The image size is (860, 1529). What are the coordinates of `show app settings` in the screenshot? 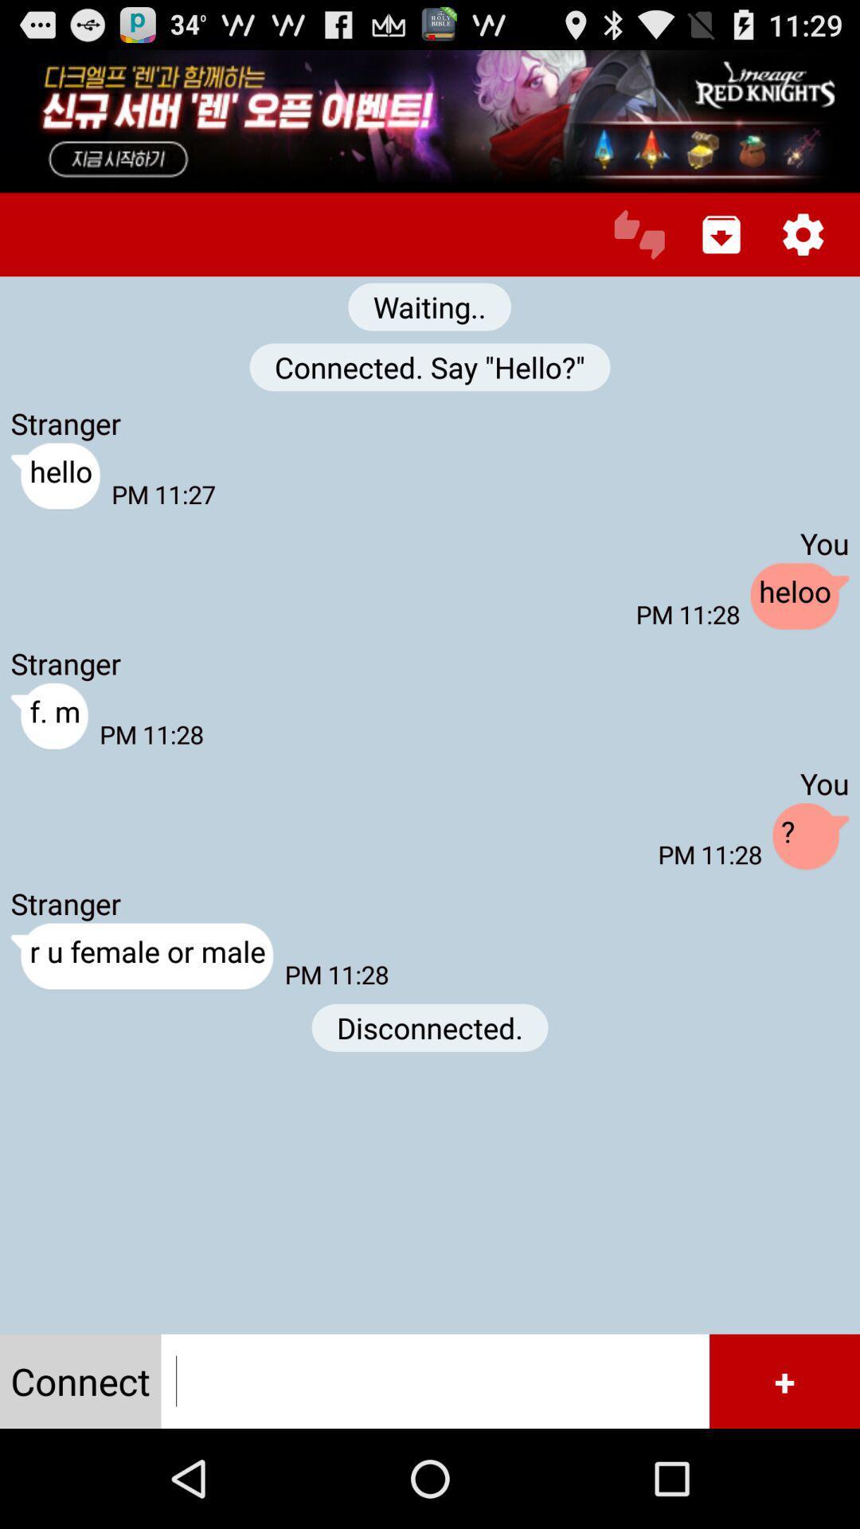 It's located at (803, 233).